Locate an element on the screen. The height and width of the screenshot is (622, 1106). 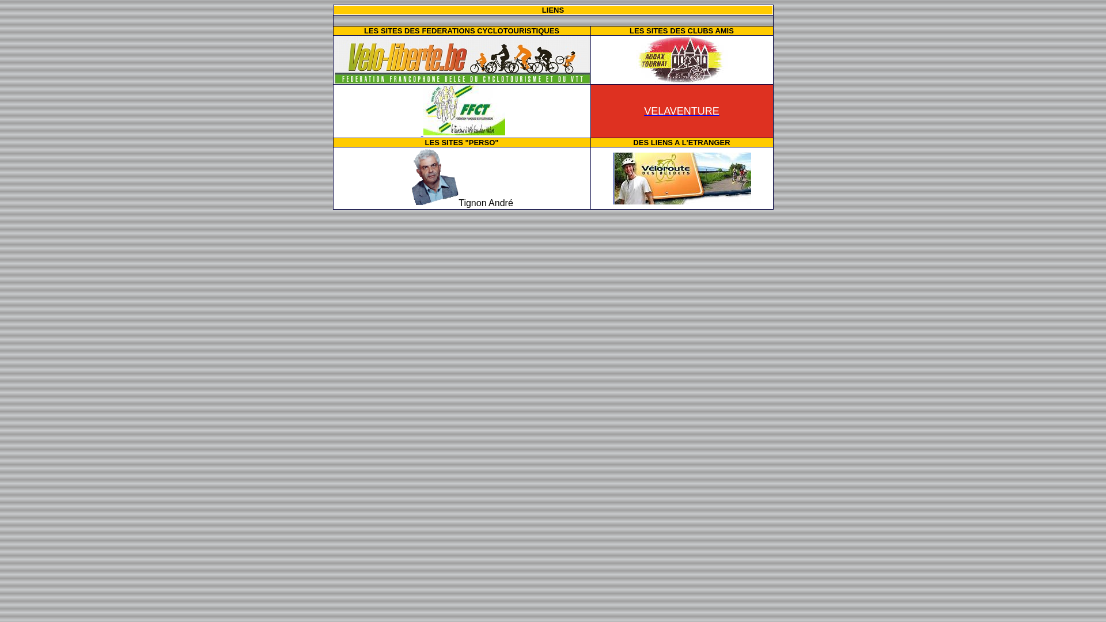
'VELAVENTURE' is located at coordinates (681, 111).